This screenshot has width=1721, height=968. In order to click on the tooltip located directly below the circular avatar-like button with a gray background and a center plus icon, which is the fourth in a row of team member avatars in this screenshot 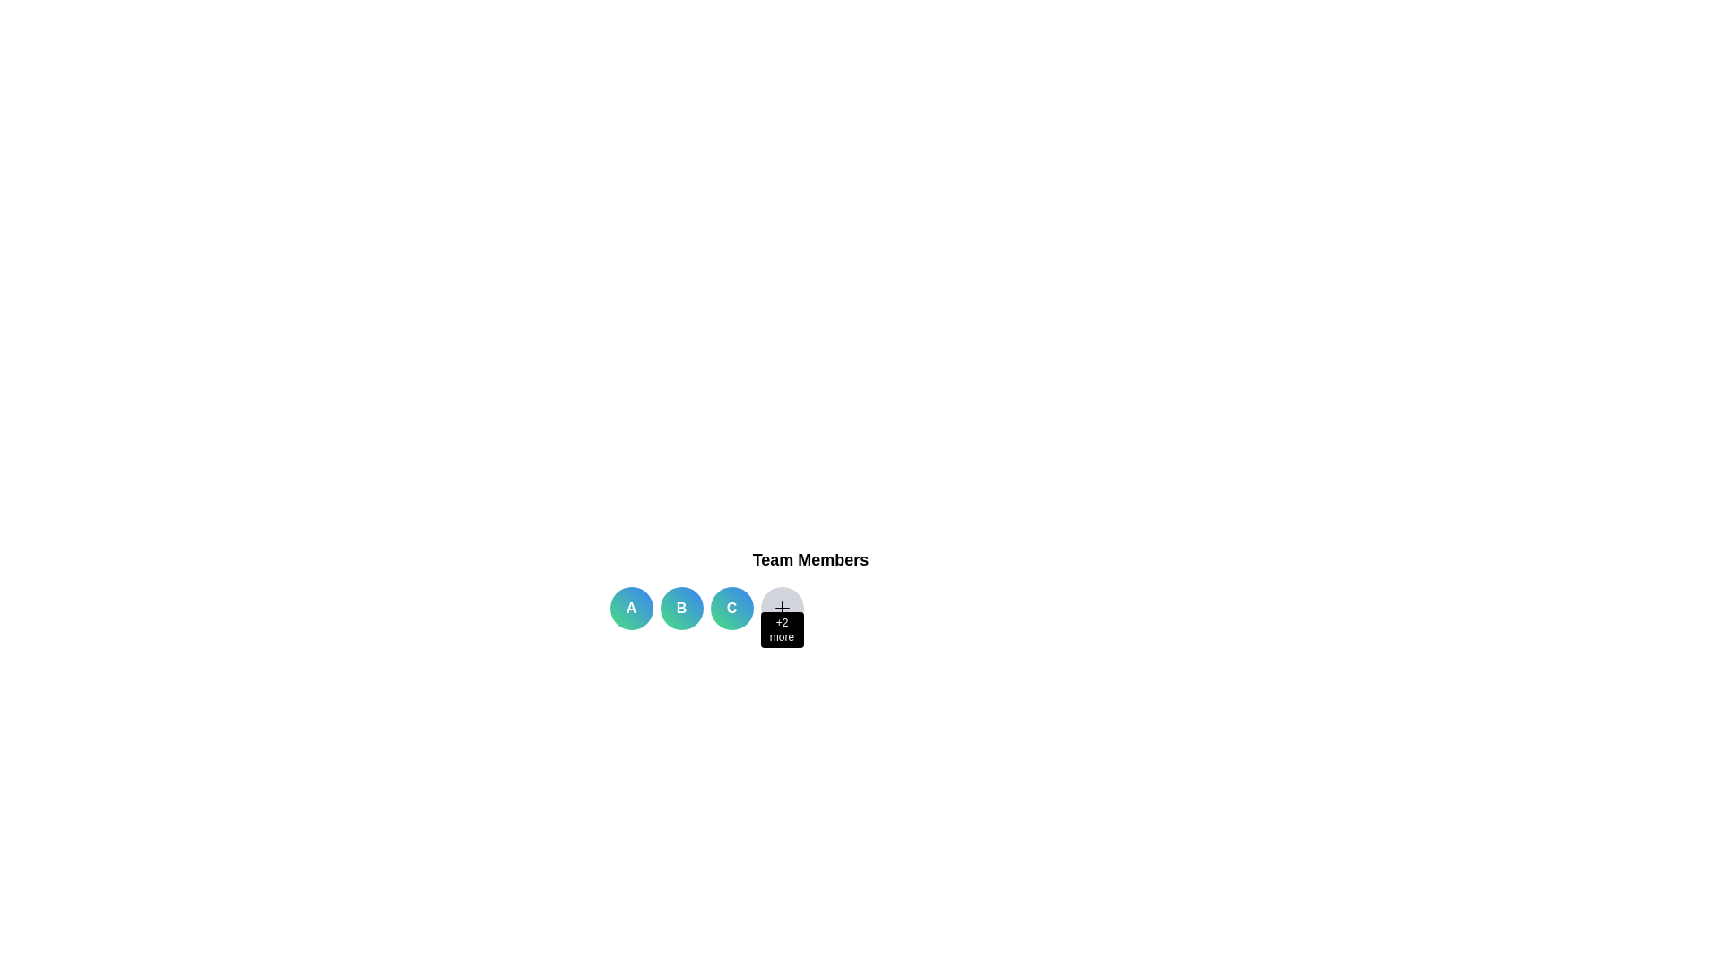, I will do `click(782, 628)`.